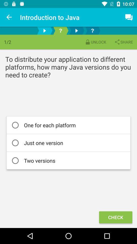  Describe the element at coordinates (115, 217) in the screenshot. I see `the check at the bottom right corner` at that location.